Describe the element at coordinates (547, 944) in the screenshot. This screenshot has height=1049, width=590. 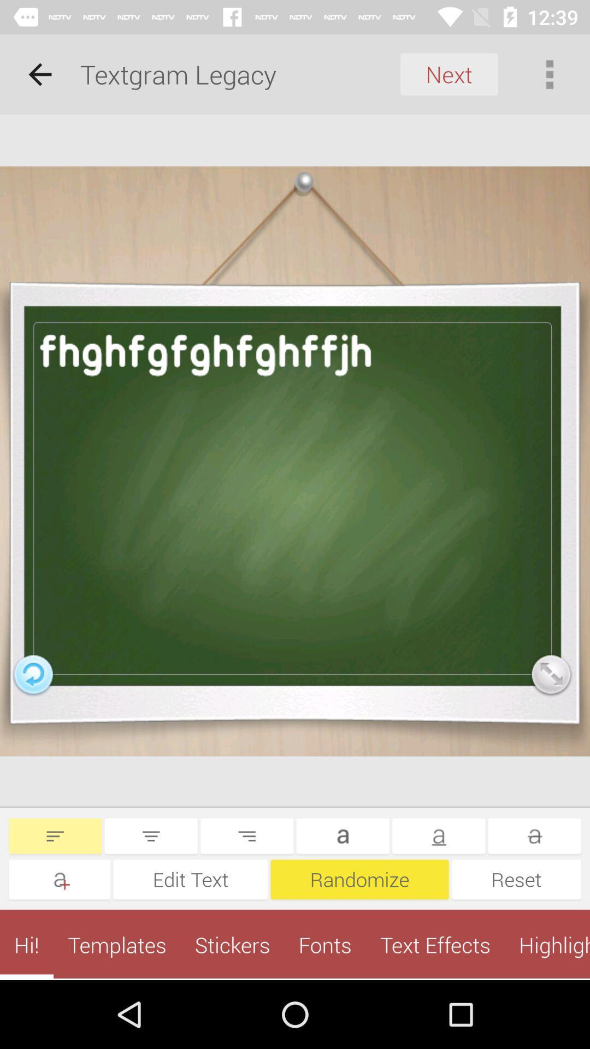
I see `highlight` at that location.